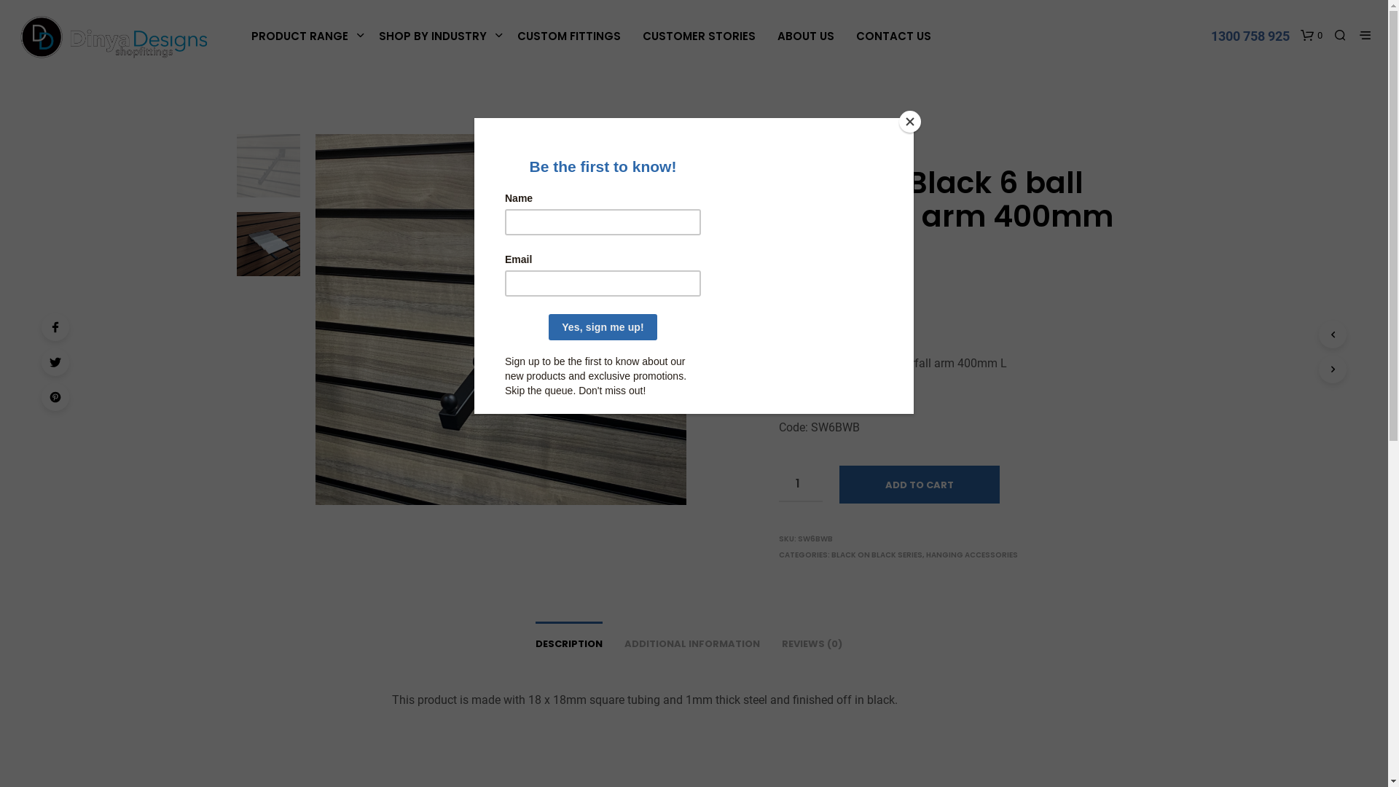 Image resolution: width=1399 pixels, height=787 pixels. What do you see at coordinates (876, 555) in the screenshot?
I see `'BLACK ON BLACK SERIES'` at bounding box center [876, 555].